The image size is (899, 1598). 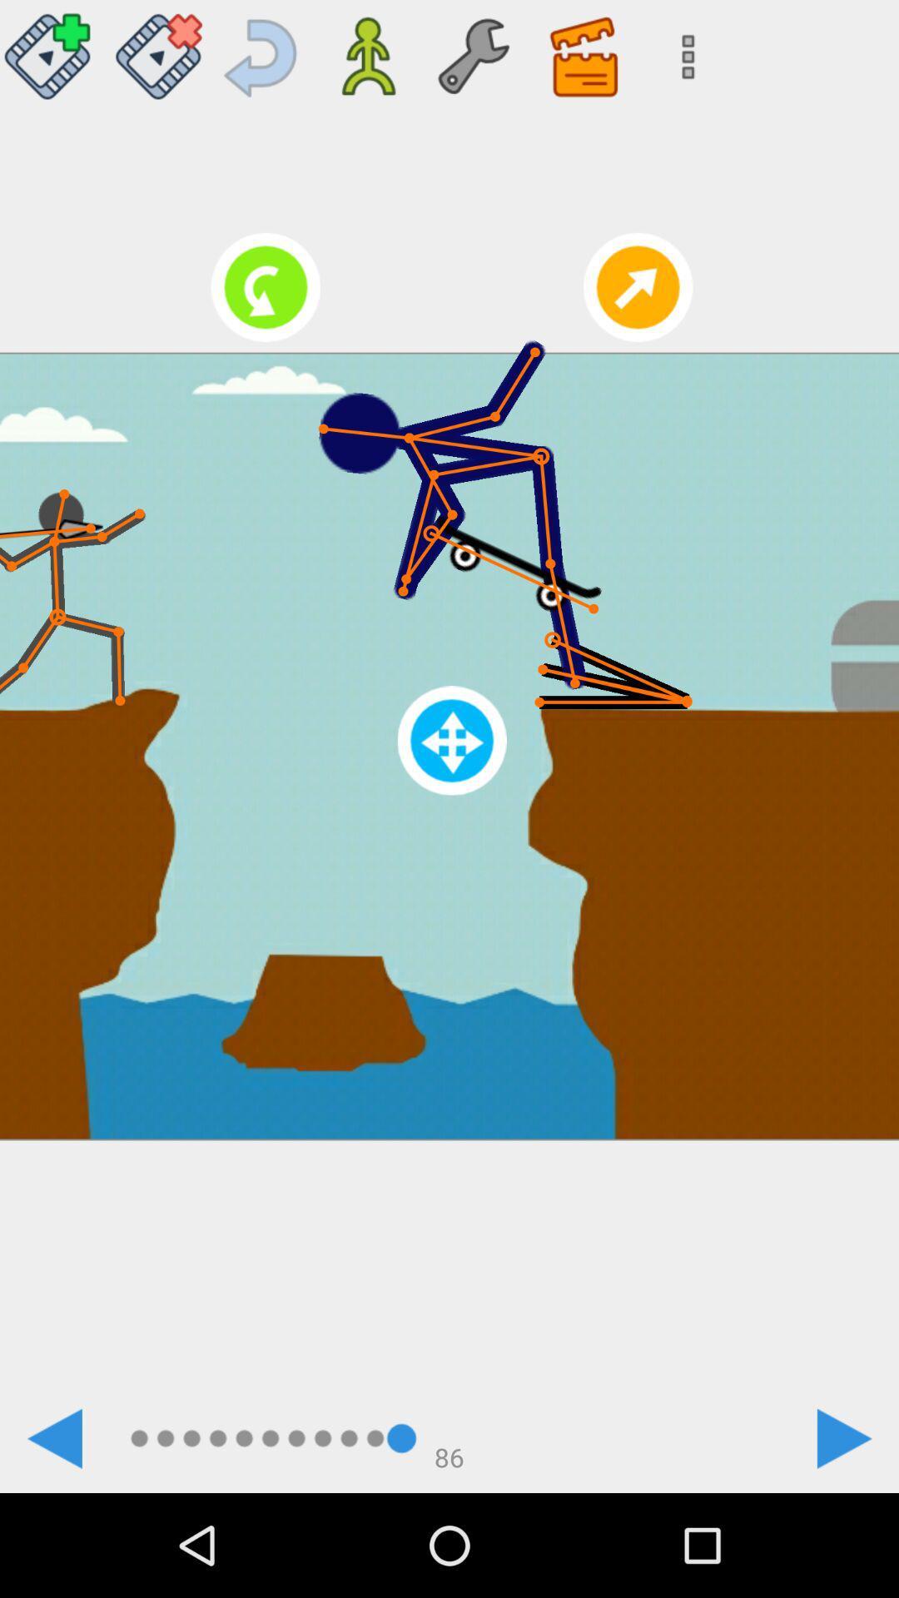 I want to click on previous, so click(x=262, y=50).